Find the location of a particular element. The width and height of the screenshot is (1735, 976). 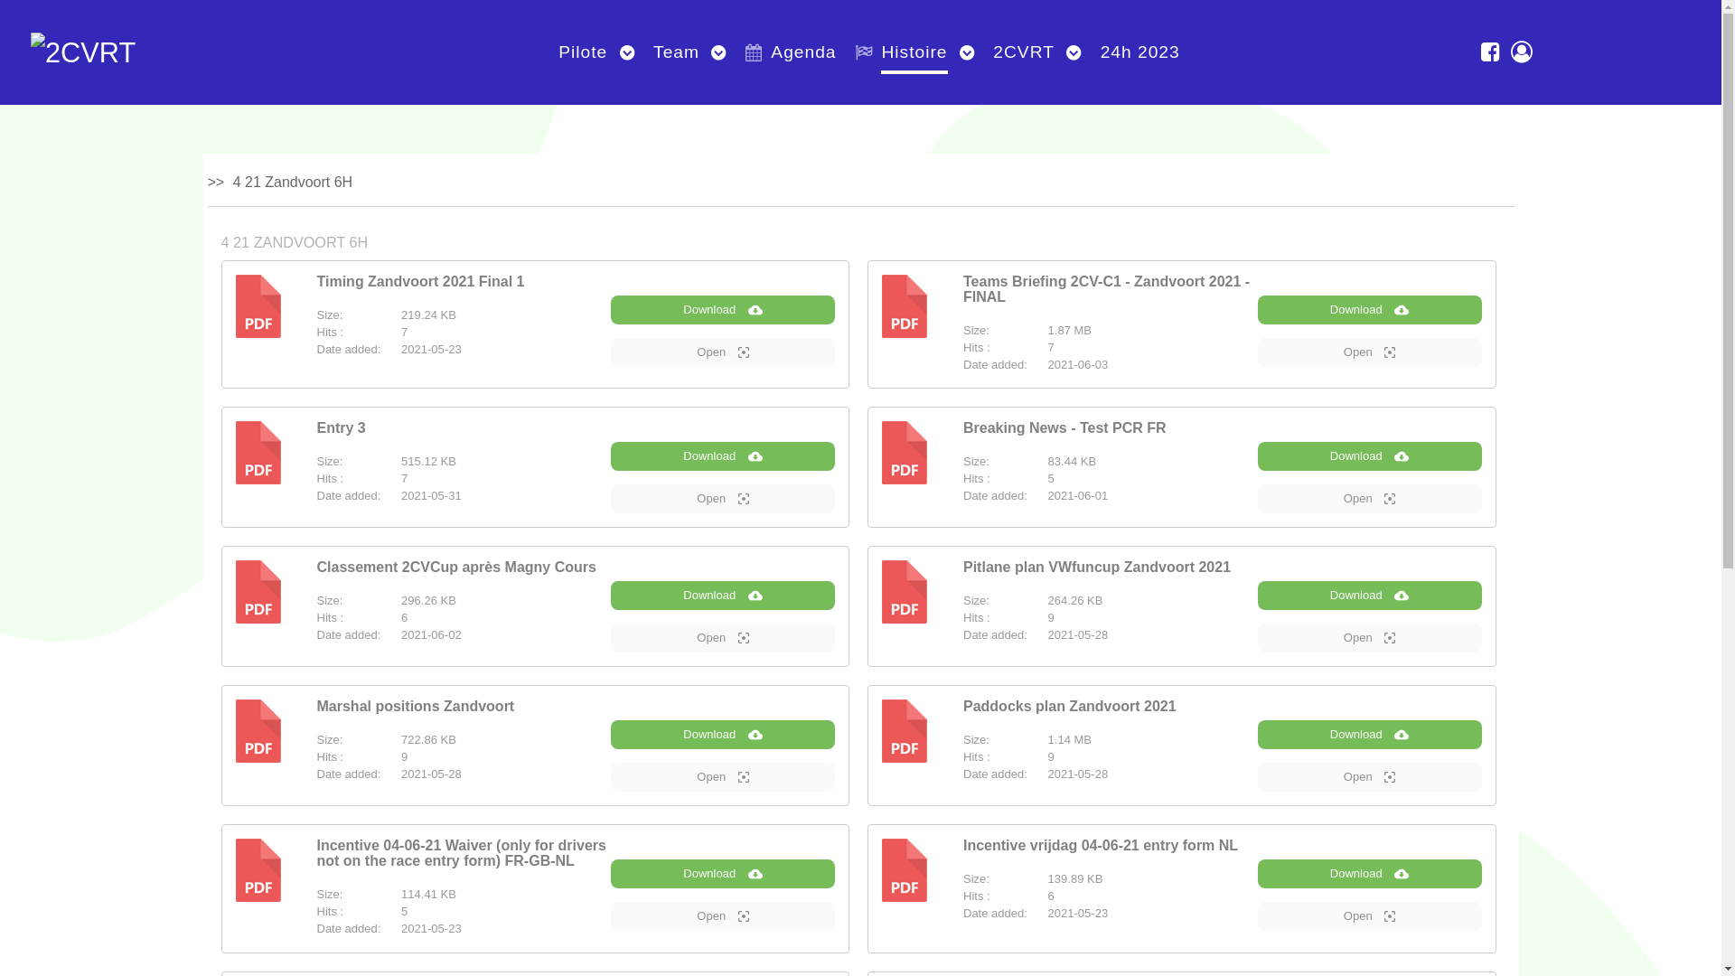

'Download' is located at coordinates (723, 873).